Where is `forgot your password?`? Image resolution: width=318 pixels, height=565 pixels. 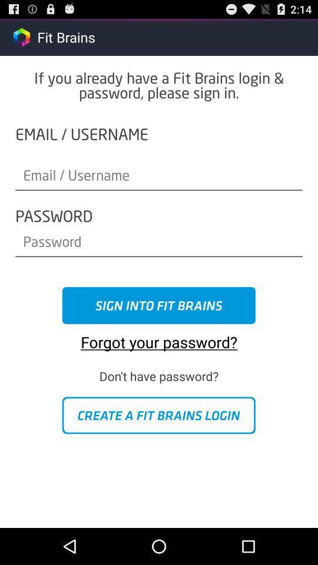
forgot your password? is located at coordinates (159, 338).